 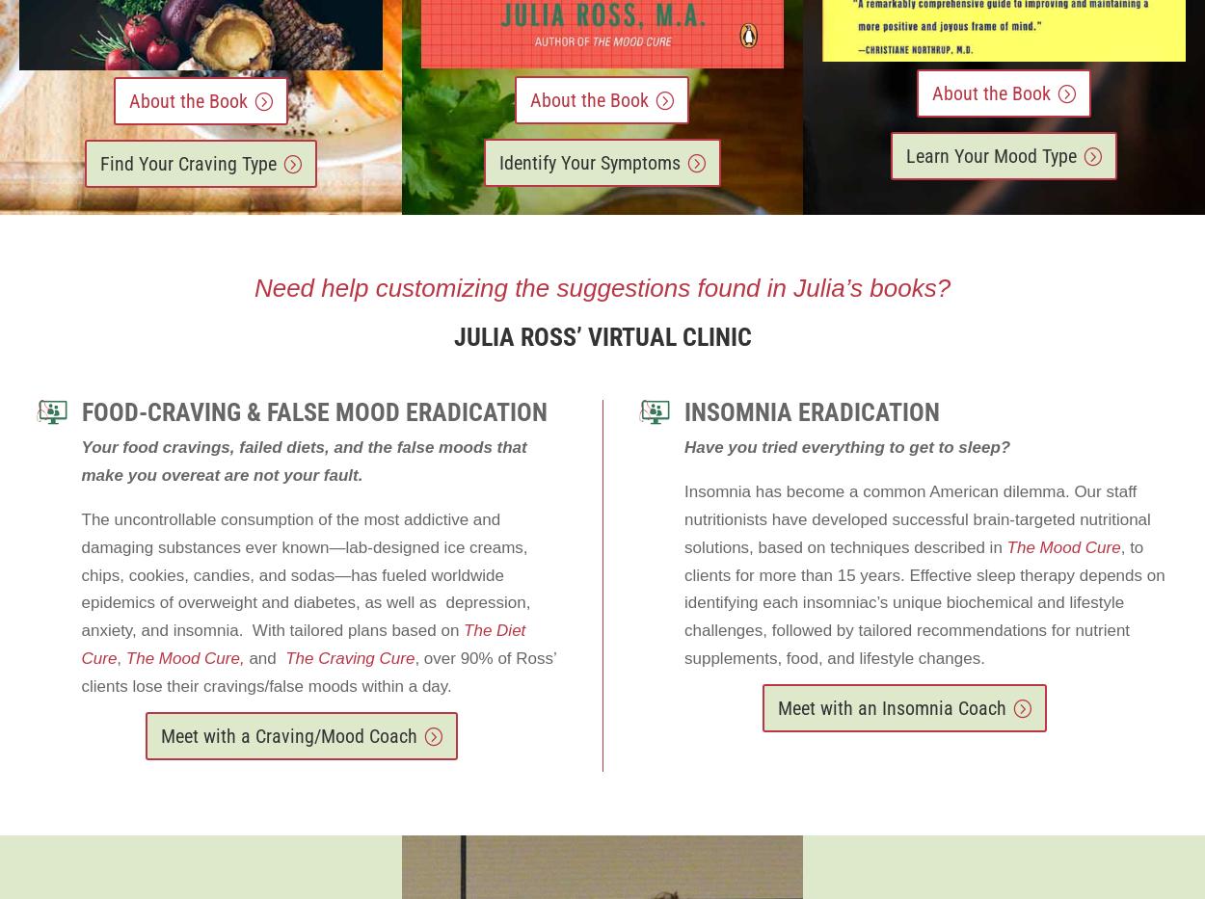 What do you see at coordinates (302, 643) in the screenshot?
I see `'The Diet Cure'` at bounding box center [302, 643].